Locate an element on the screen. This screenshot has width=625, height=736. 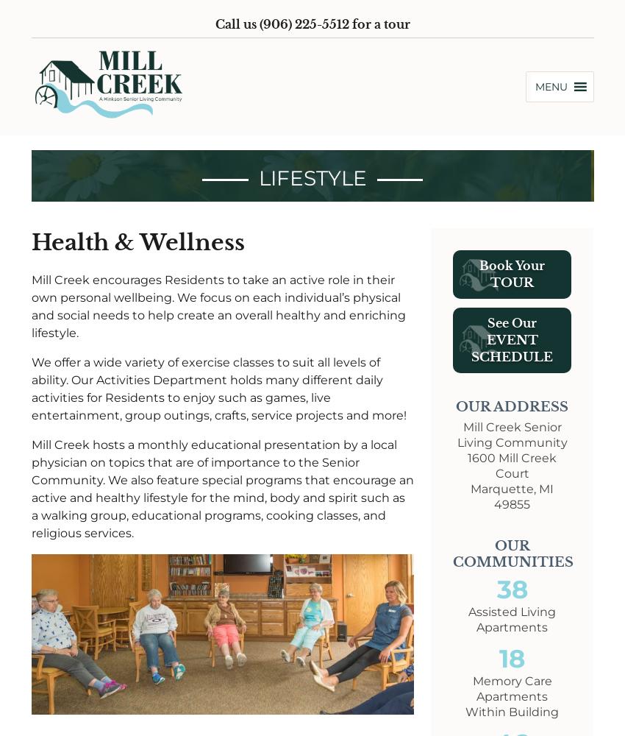
'18' is located at coordinates (511, 658).